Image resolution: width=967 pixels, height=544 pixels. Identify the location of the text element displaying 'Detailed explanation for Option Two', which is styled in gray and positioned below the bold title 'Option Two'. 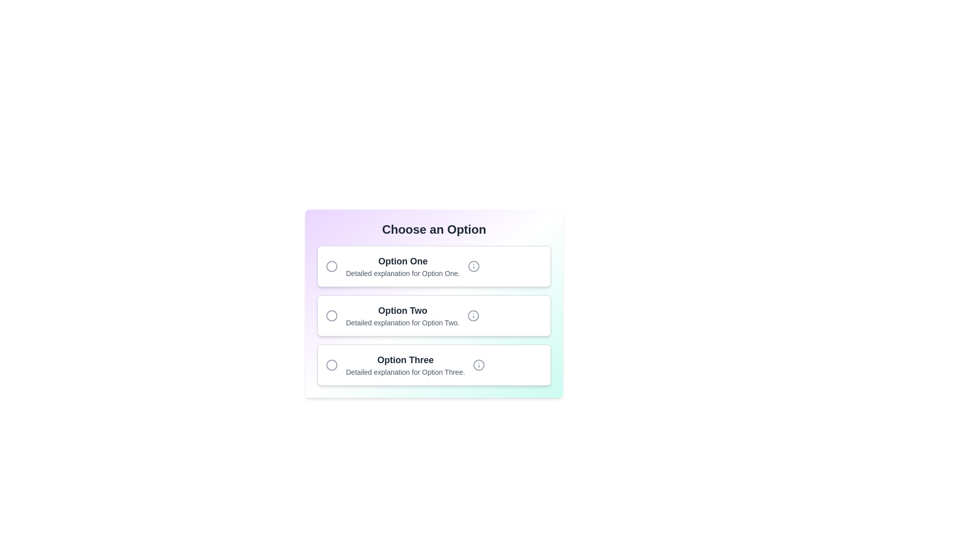
(402, 322).